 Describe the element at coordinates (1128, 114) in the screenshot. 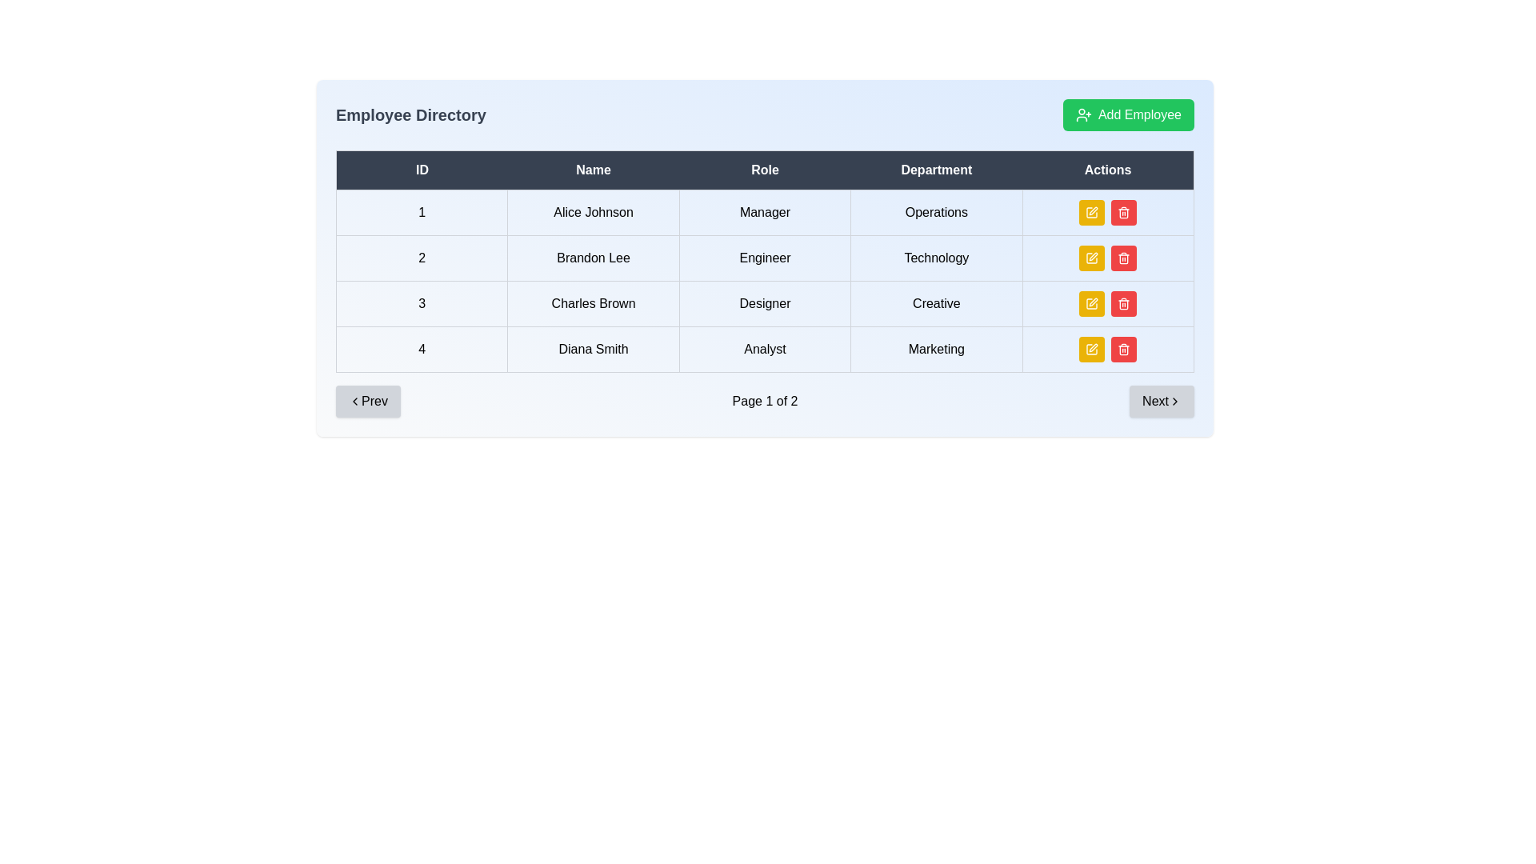

I see `the center of the 'Add Employee' button located to the right of the 'Employee Directory' header to initiate the process of adding a new employee` at that location.